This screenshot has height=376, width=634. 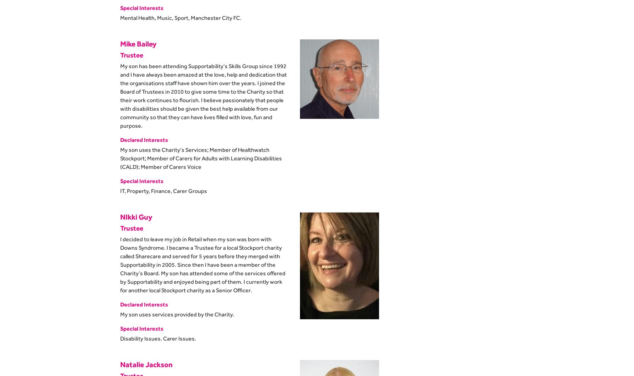 What do you see at coordinates (120, 216) in the screenshot?
I see `'NIkki Guy'` at bounding box center [120, 216].